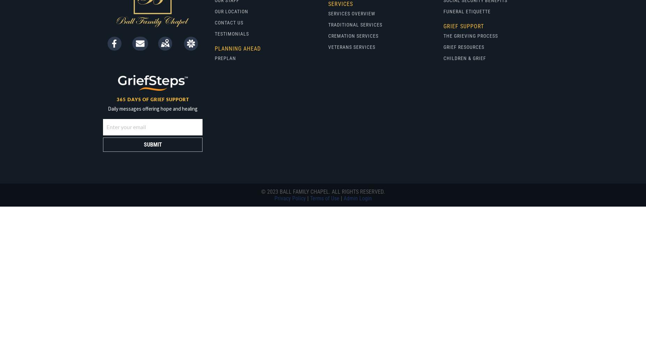 This screenshot has width=646, height=349. Describe the element at coordinates (152, 109) in the screenshot. I see `'Daily messages offering hope and healing'` at that location.